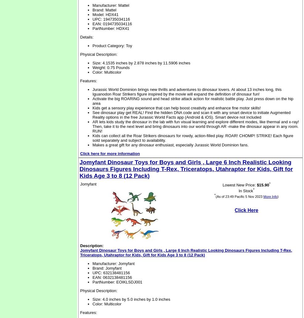 The height and width of the screenshot is (318, 304). I want to click on 'In Stock', so click(238, 190).